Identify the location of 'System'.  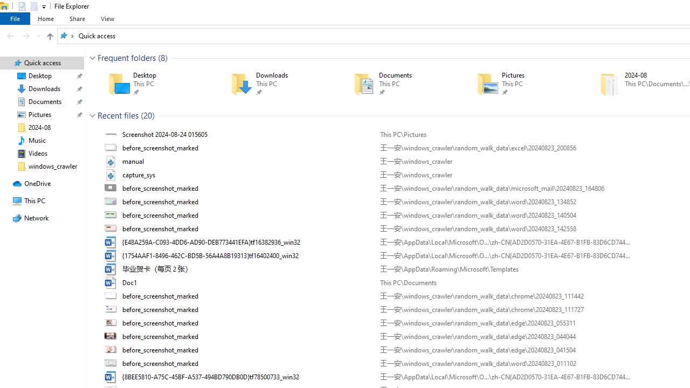
(5, 6).